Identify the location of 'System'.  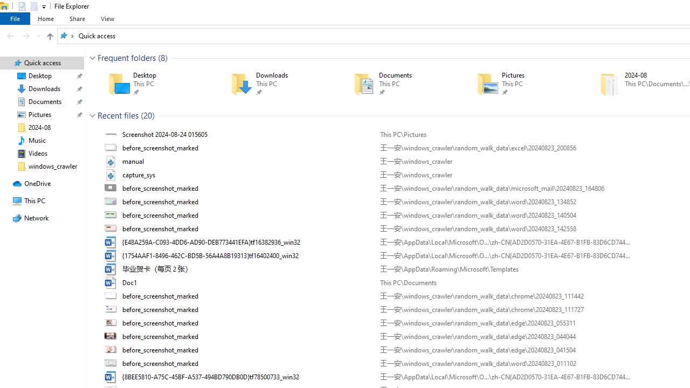
(5, 6).